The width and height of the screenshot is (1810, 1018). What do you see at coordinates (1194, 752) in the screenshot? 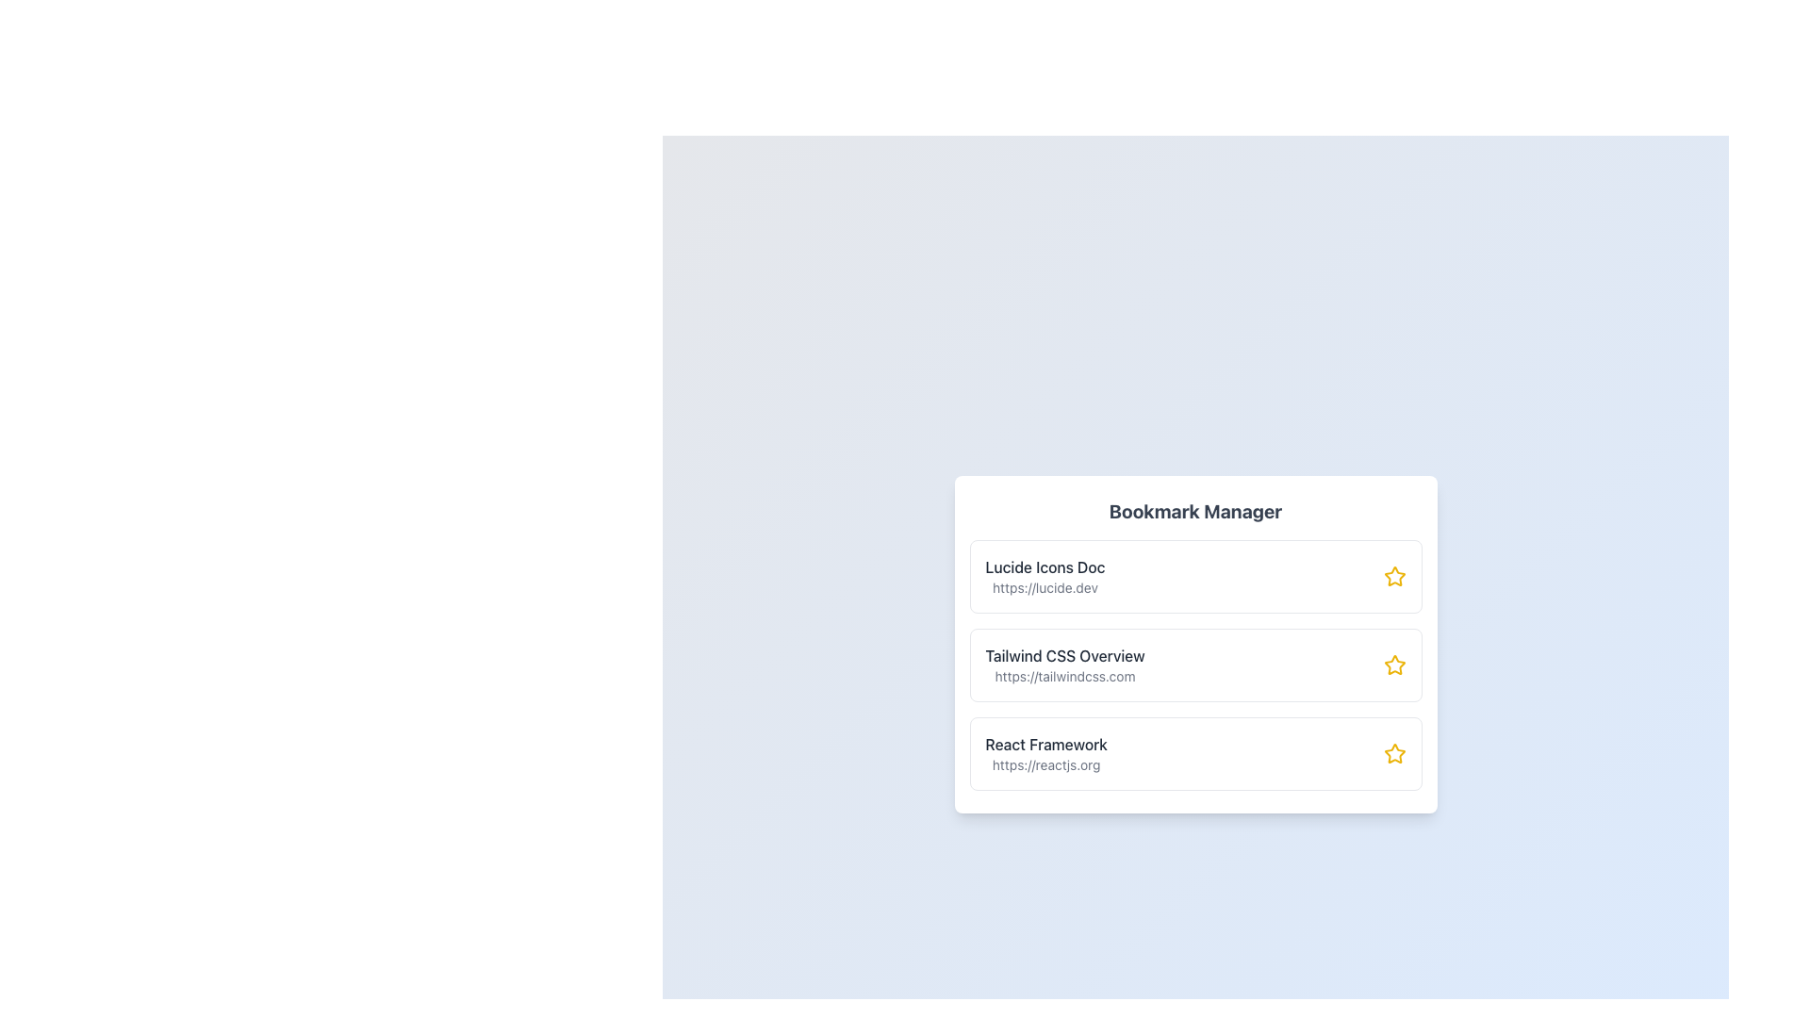
I see `on the third bookmarked item in the 'Bookmark Manager' that represents a React Framework resource` at bounding box center [1194, 752].